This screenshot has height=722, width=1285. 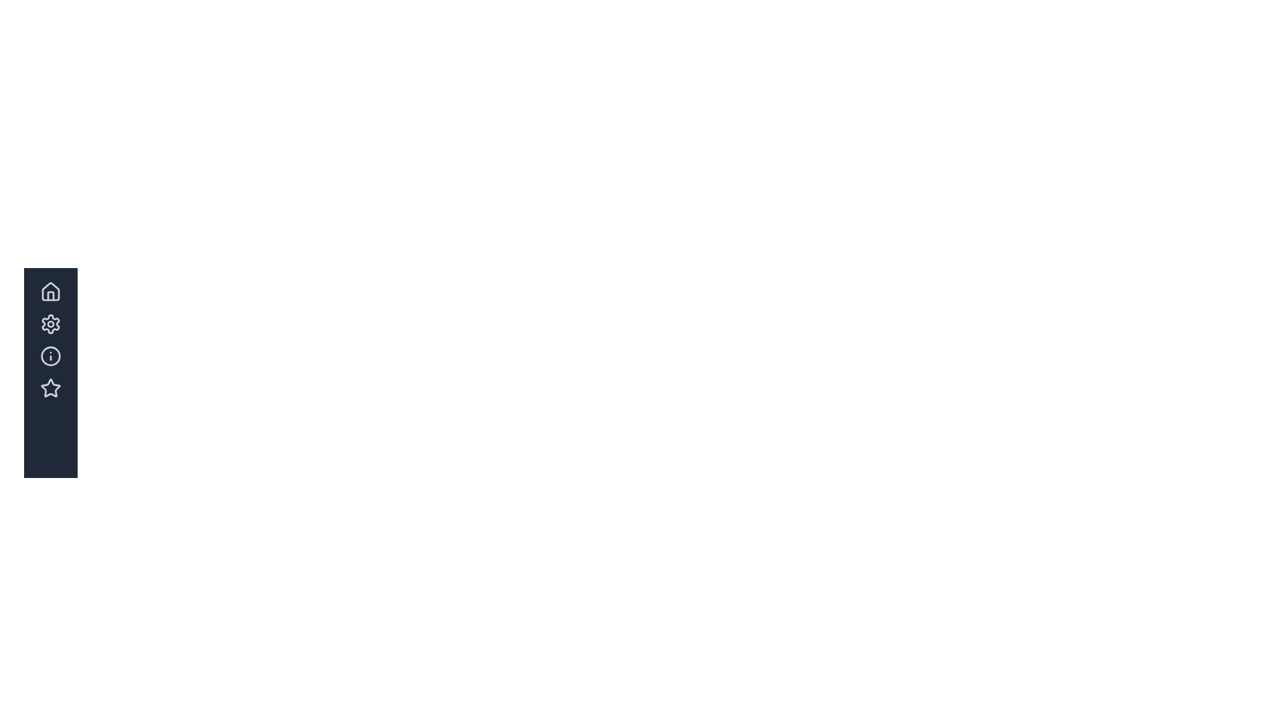 I want to click on the gear icon button on the dark vertical sidebar, so click(x=51, y=324).